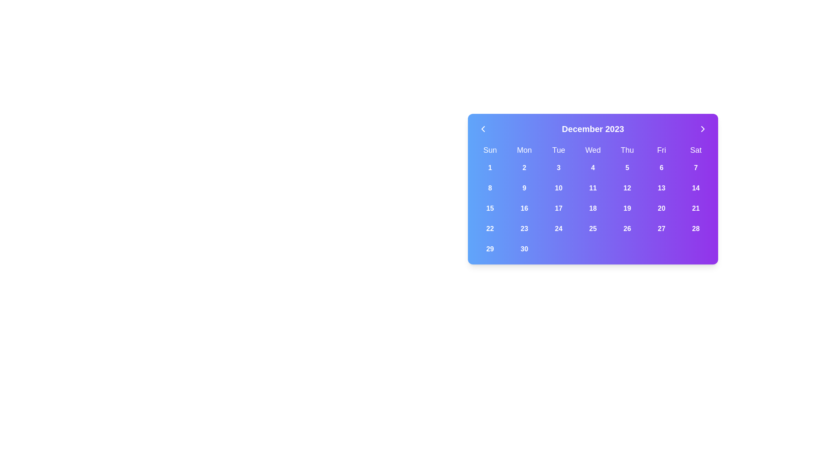 The width and height of the screenshot is (813, 457). What do you see at coordinates (524, 187) in the screenshot?
I see `the selectable calendar date button representing the 9th of December 2023, located in the second row and third column under the 'Mon' header` at bounding box center [524, 187].